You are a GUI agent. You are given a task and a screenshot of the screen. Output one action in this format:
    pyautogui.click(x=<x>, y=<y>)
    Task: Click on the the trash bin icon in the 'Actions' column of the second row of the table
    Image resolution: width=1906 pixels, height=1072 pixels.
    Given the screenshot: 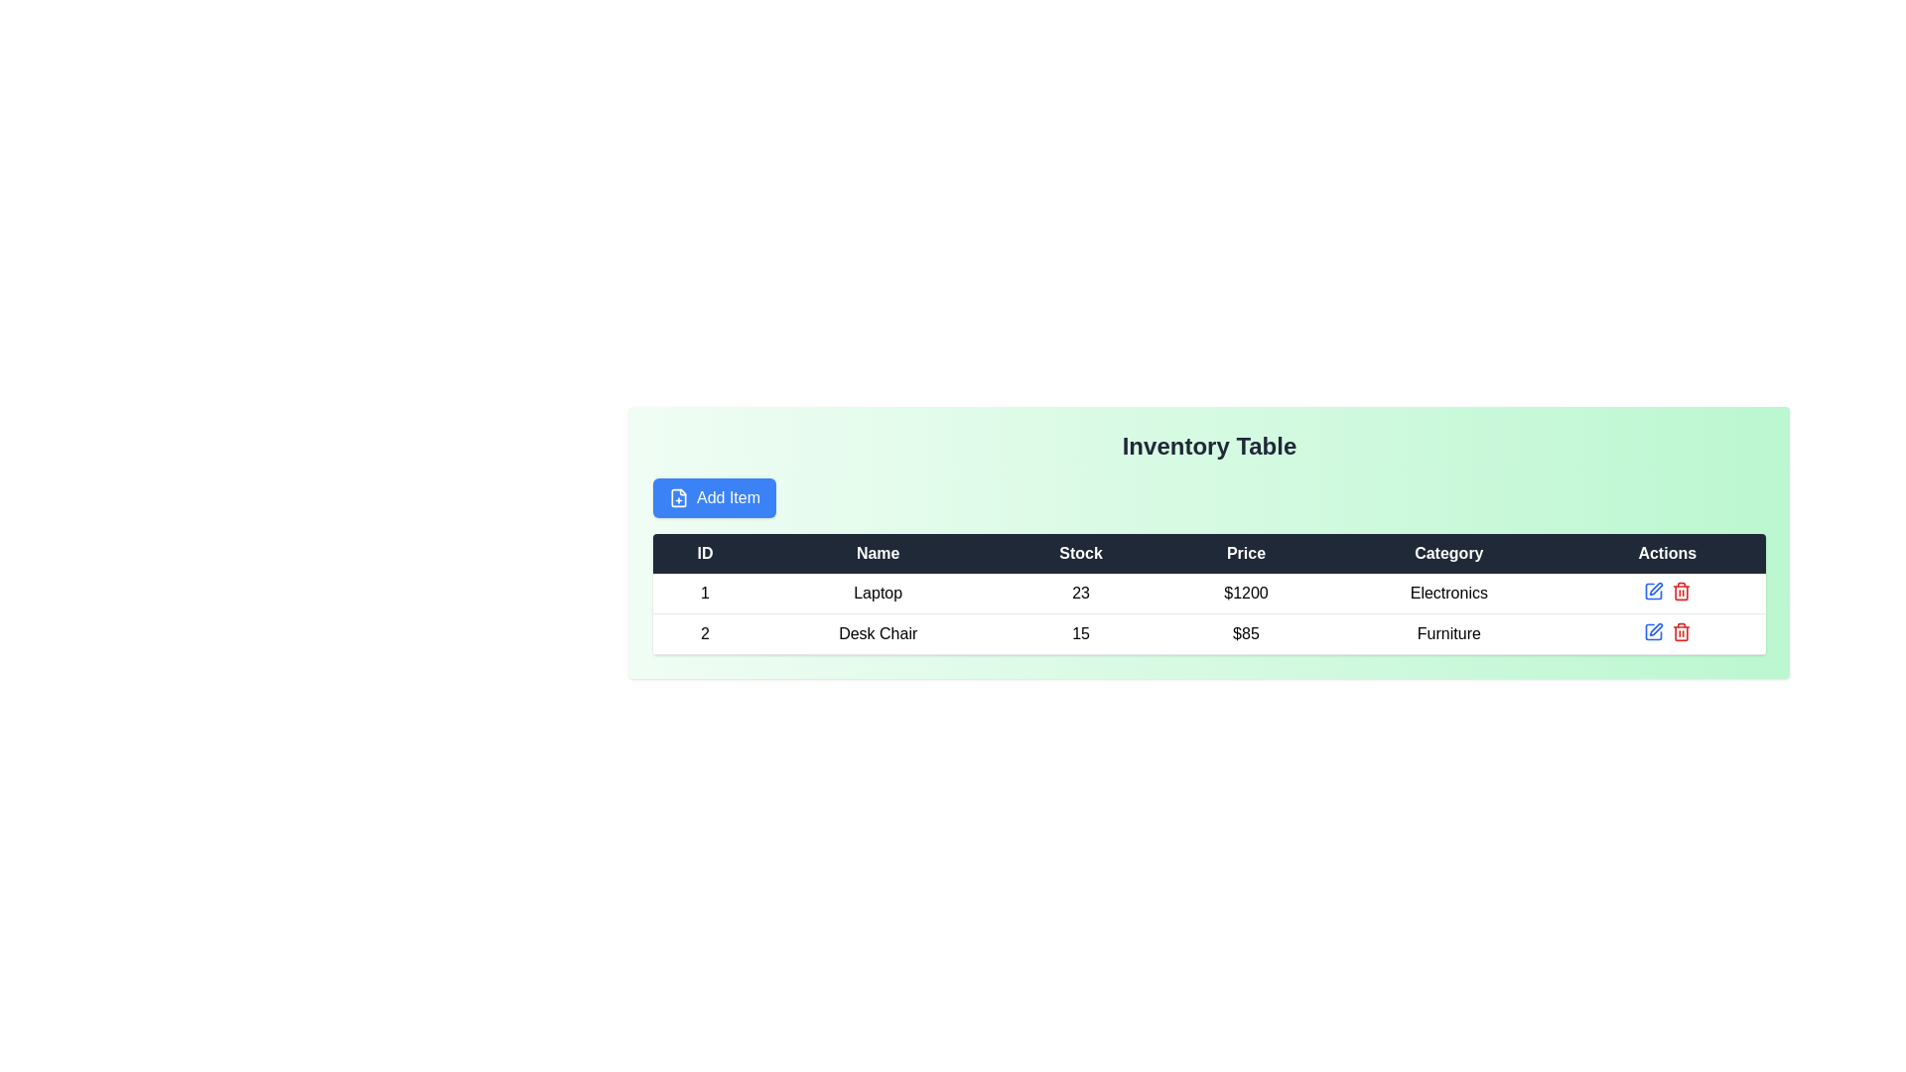 What is the action you would take?
    pyautogui.click(x=1680, y=592)
    